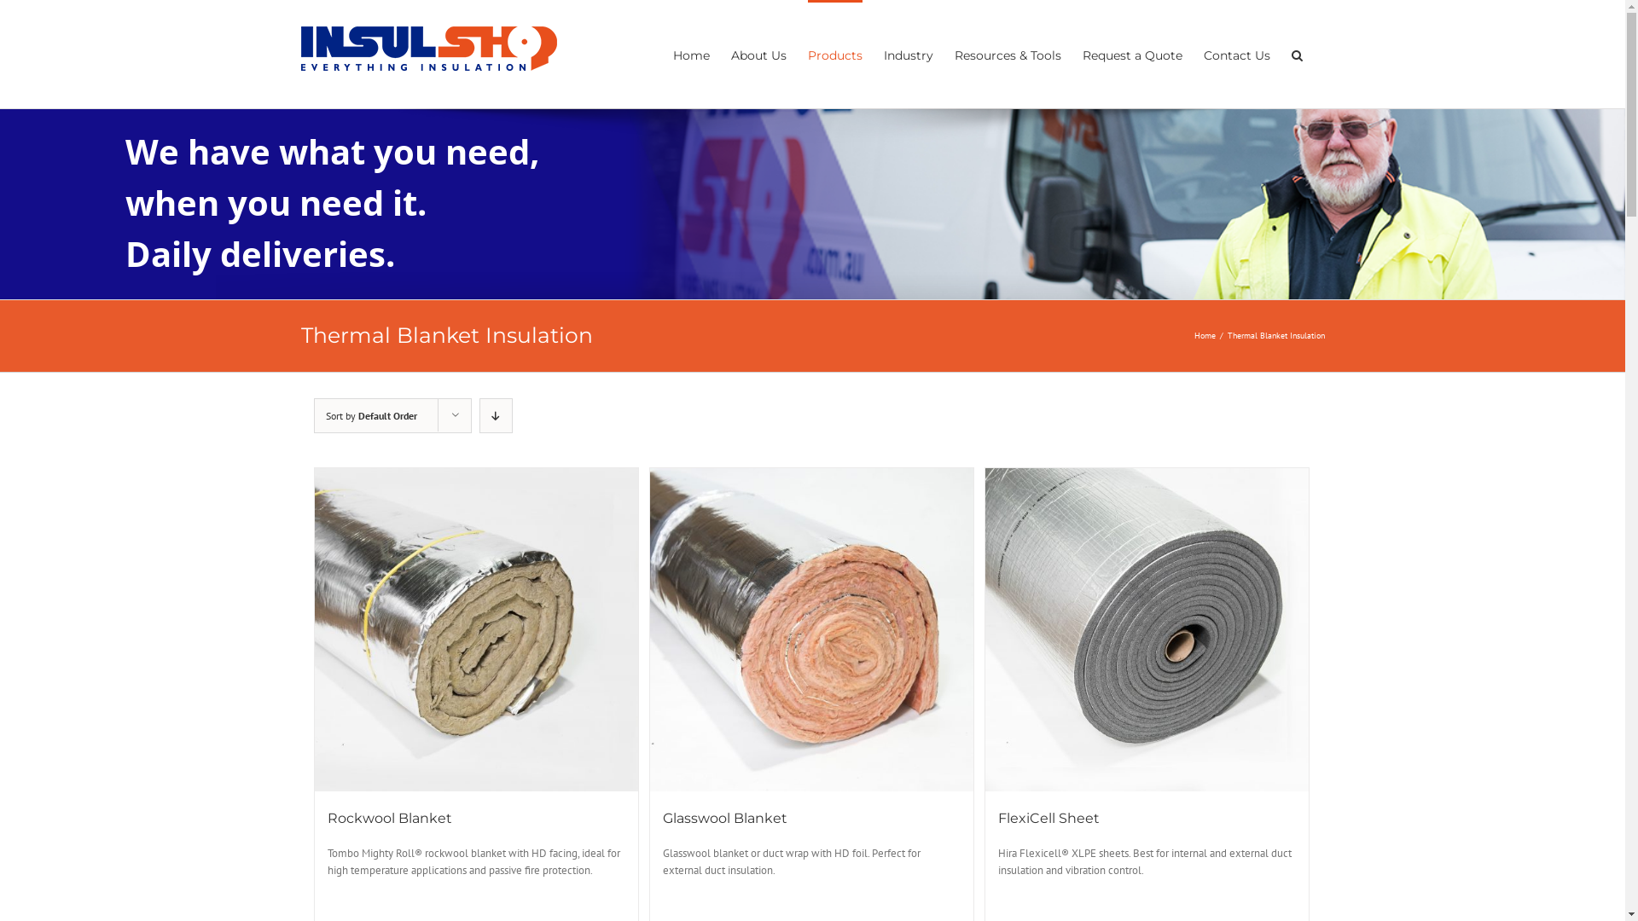  What do you see at coordinates (1194, 335) in the screenshot?
I see `'Home'` at bounding box center [1194, 335].